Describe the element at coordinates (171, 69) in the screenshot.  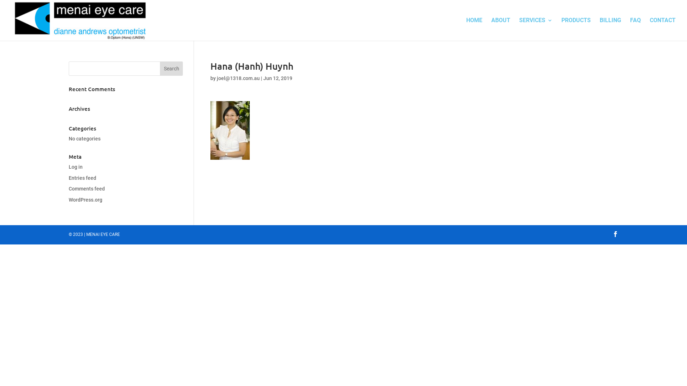
I see `'Search'` at that location.